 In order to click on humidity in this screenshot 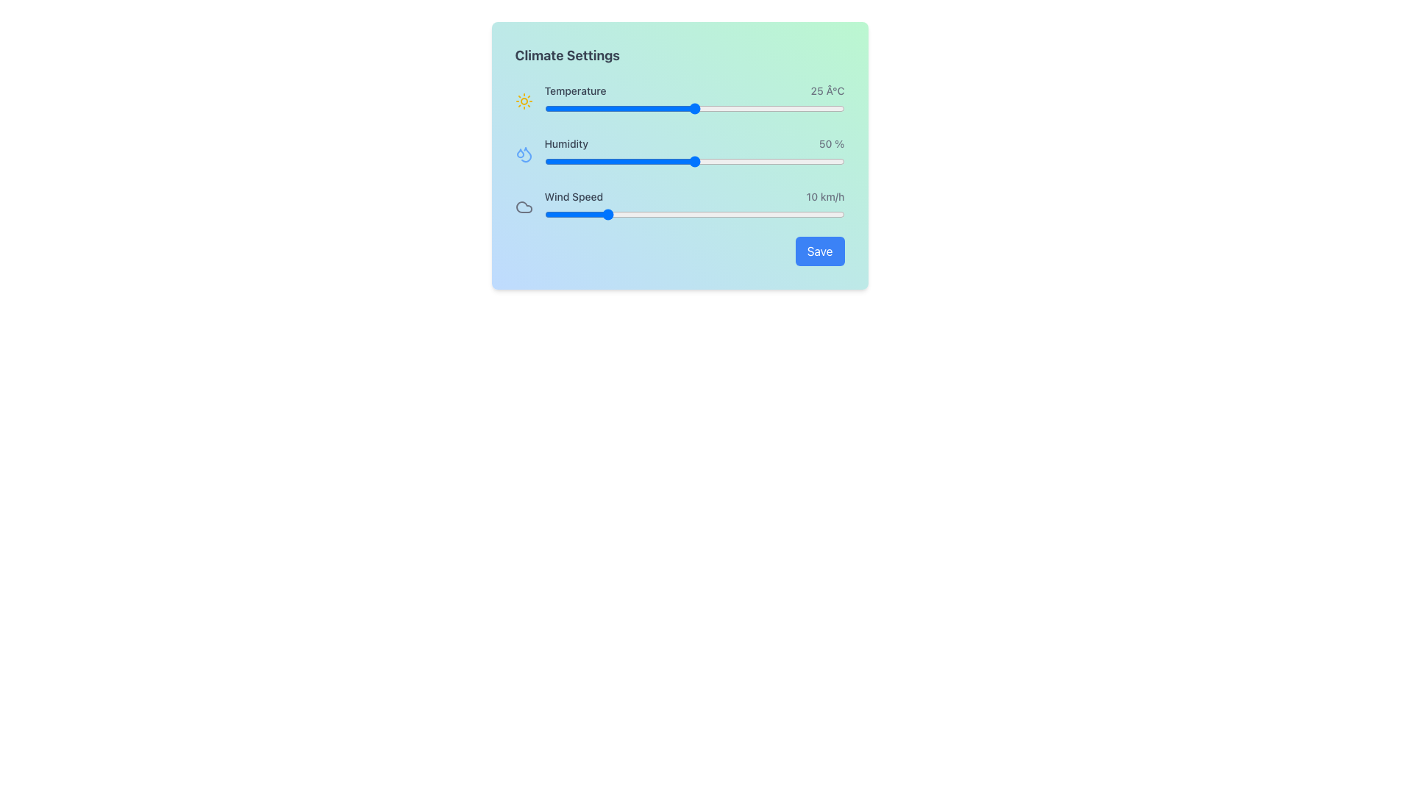, I will do `click(649, 161)`.